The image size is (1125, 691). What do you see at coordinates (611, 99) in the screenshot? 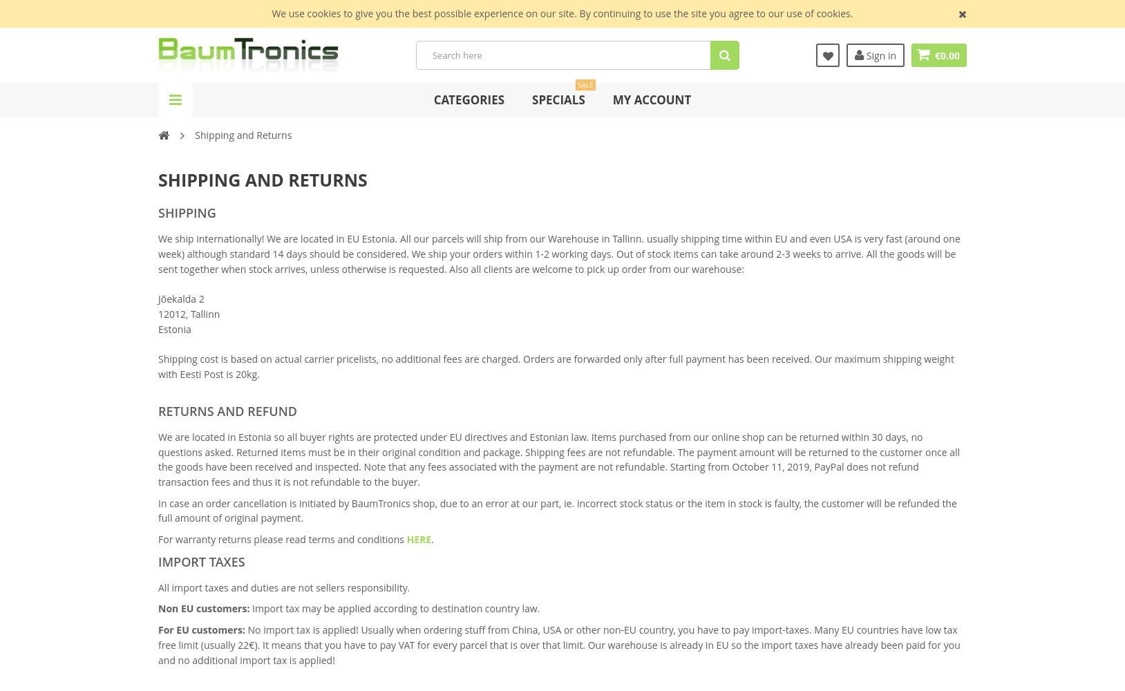
I see `'My Account'` at bounding box center [611, 99].